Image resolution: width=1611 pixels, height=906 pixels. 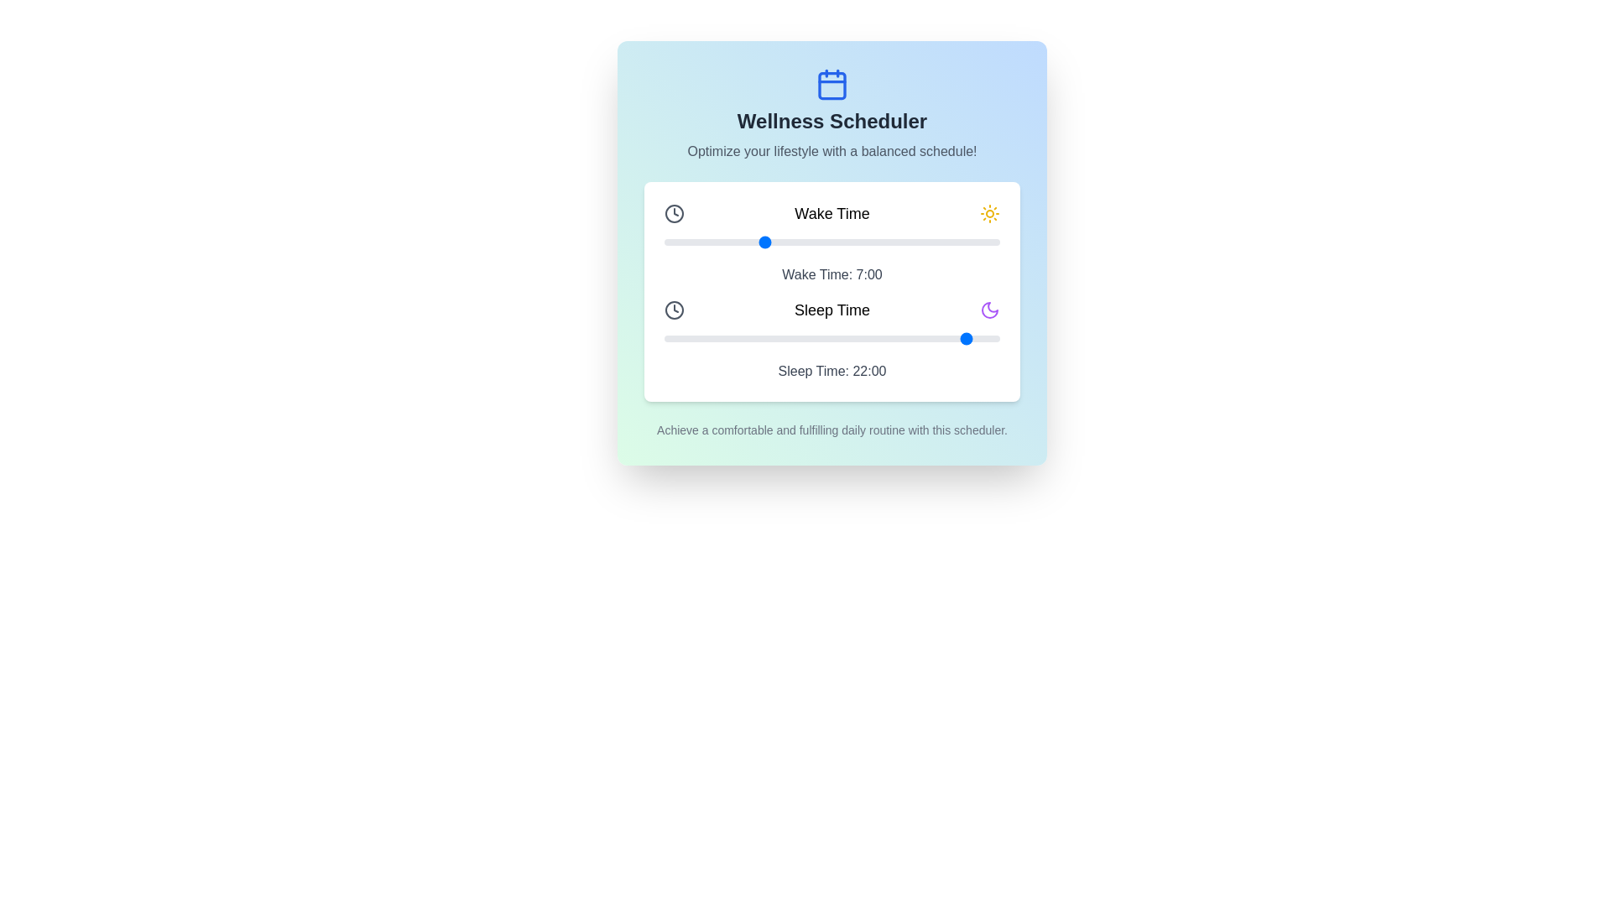 What do you see at coordinates (832, 290) in the screenshot?
I see `the Interactive Section containing sliders and textual labels that allows users to adjust daily scheduling parameters for wake and sleep times, located in the lower part of the white rounded rectangular card below the title 'Wellness Scheduler'` at bounding box center [832, 290].